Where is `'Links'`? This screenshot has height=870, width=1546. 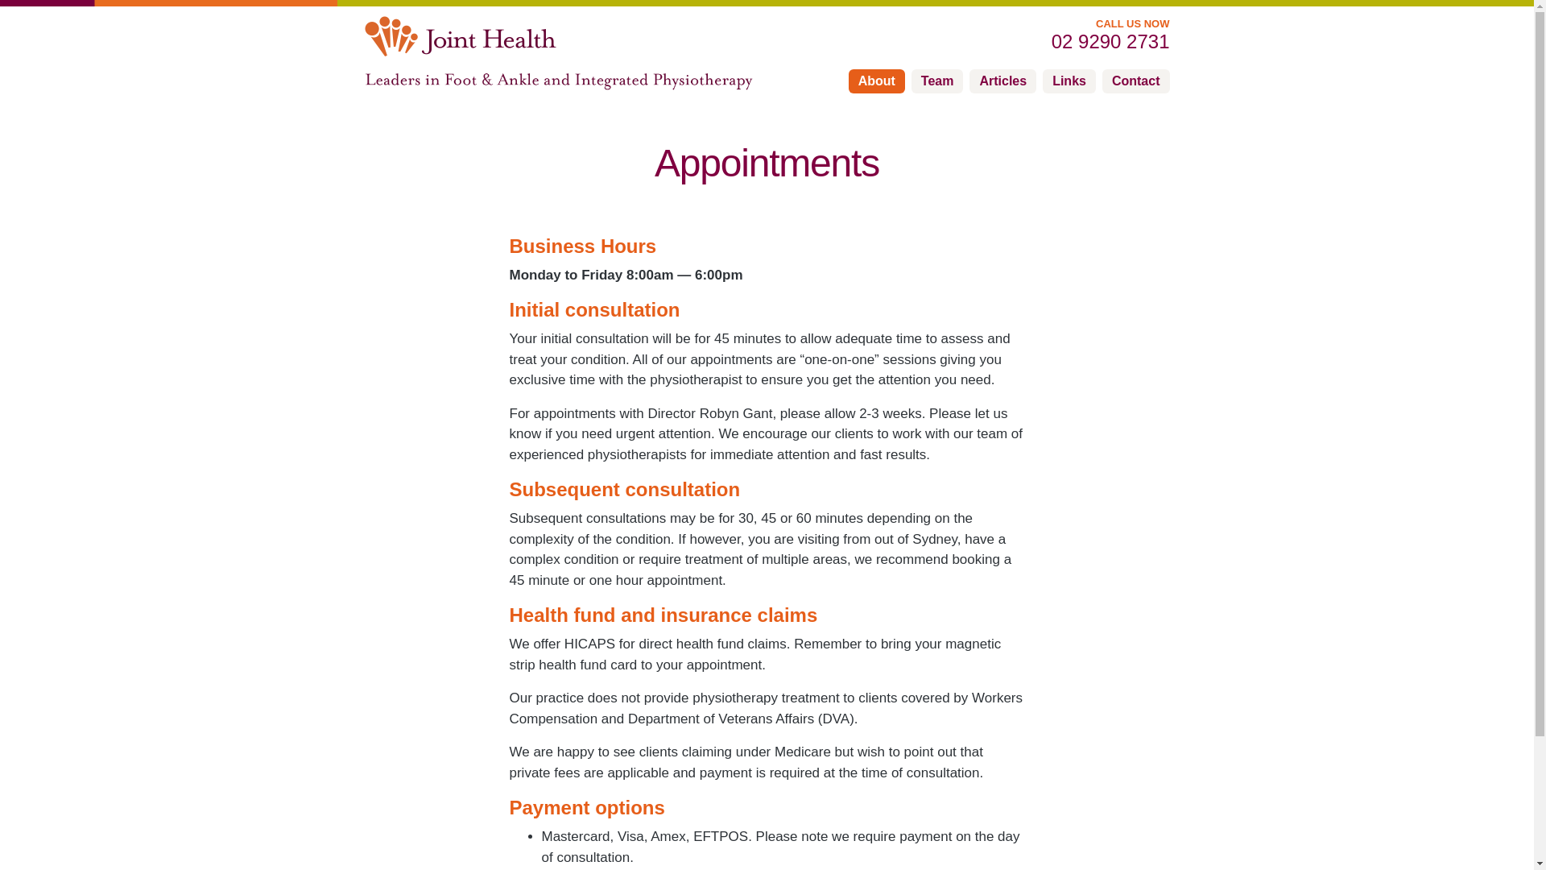
'Links' is located at coordinates (1069, 81).